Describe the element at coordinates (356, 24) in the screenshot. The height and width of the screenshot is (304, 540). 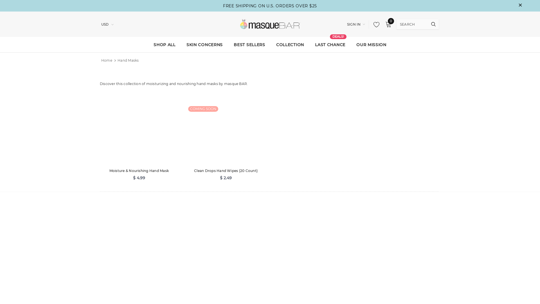
I see `'SIGN IN'` at that location.